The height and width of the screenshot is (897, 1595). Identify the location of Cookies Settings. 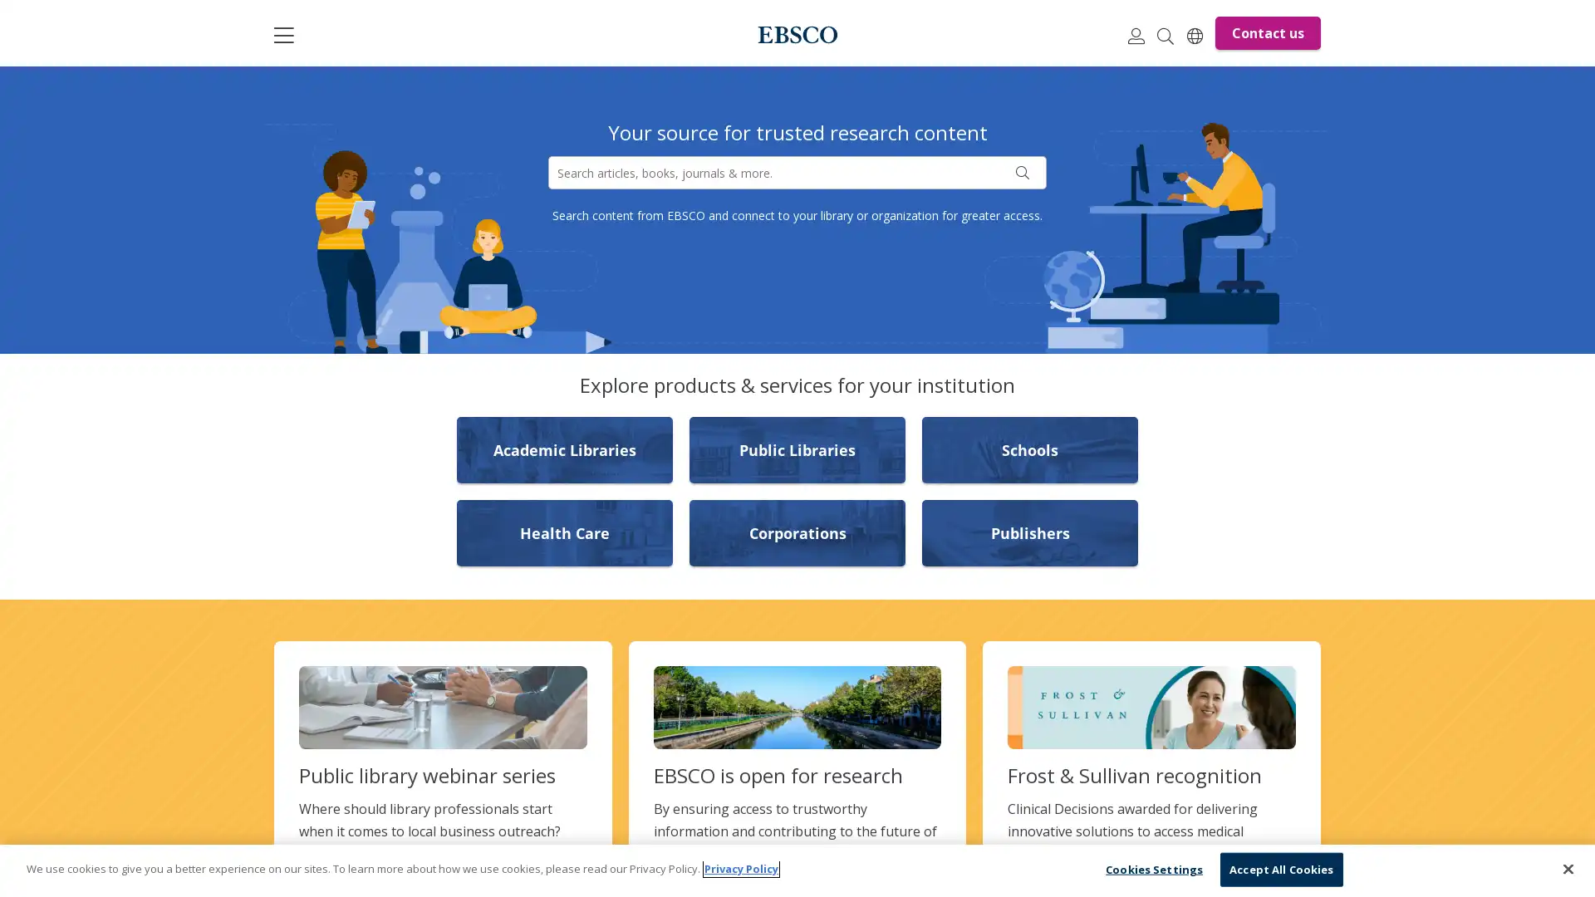
(1153, 868).